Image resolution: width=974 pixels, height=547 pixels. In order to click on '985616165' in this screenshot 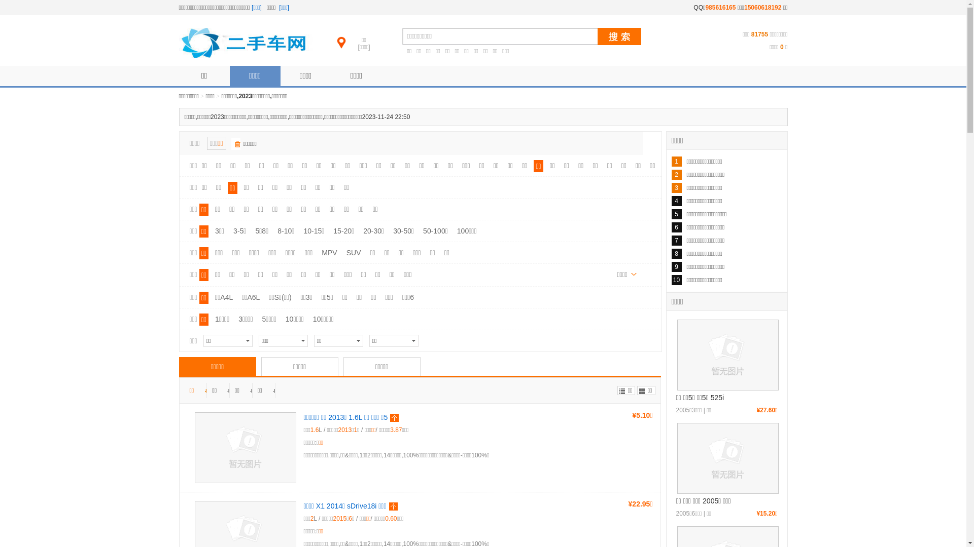, I will do `click(720, 8)`.